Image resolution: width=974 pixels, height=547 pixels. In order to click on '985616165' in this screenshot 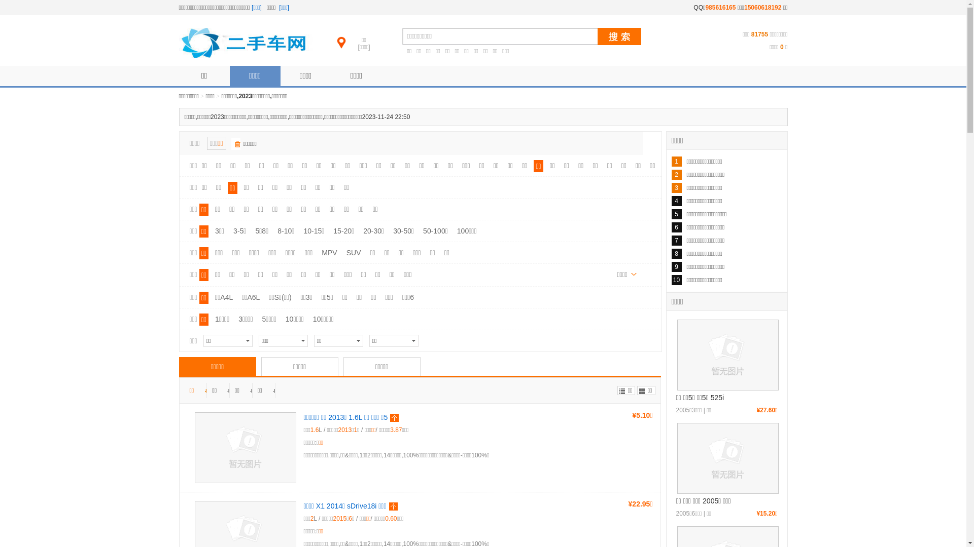, I will do `click(720, 8)`.